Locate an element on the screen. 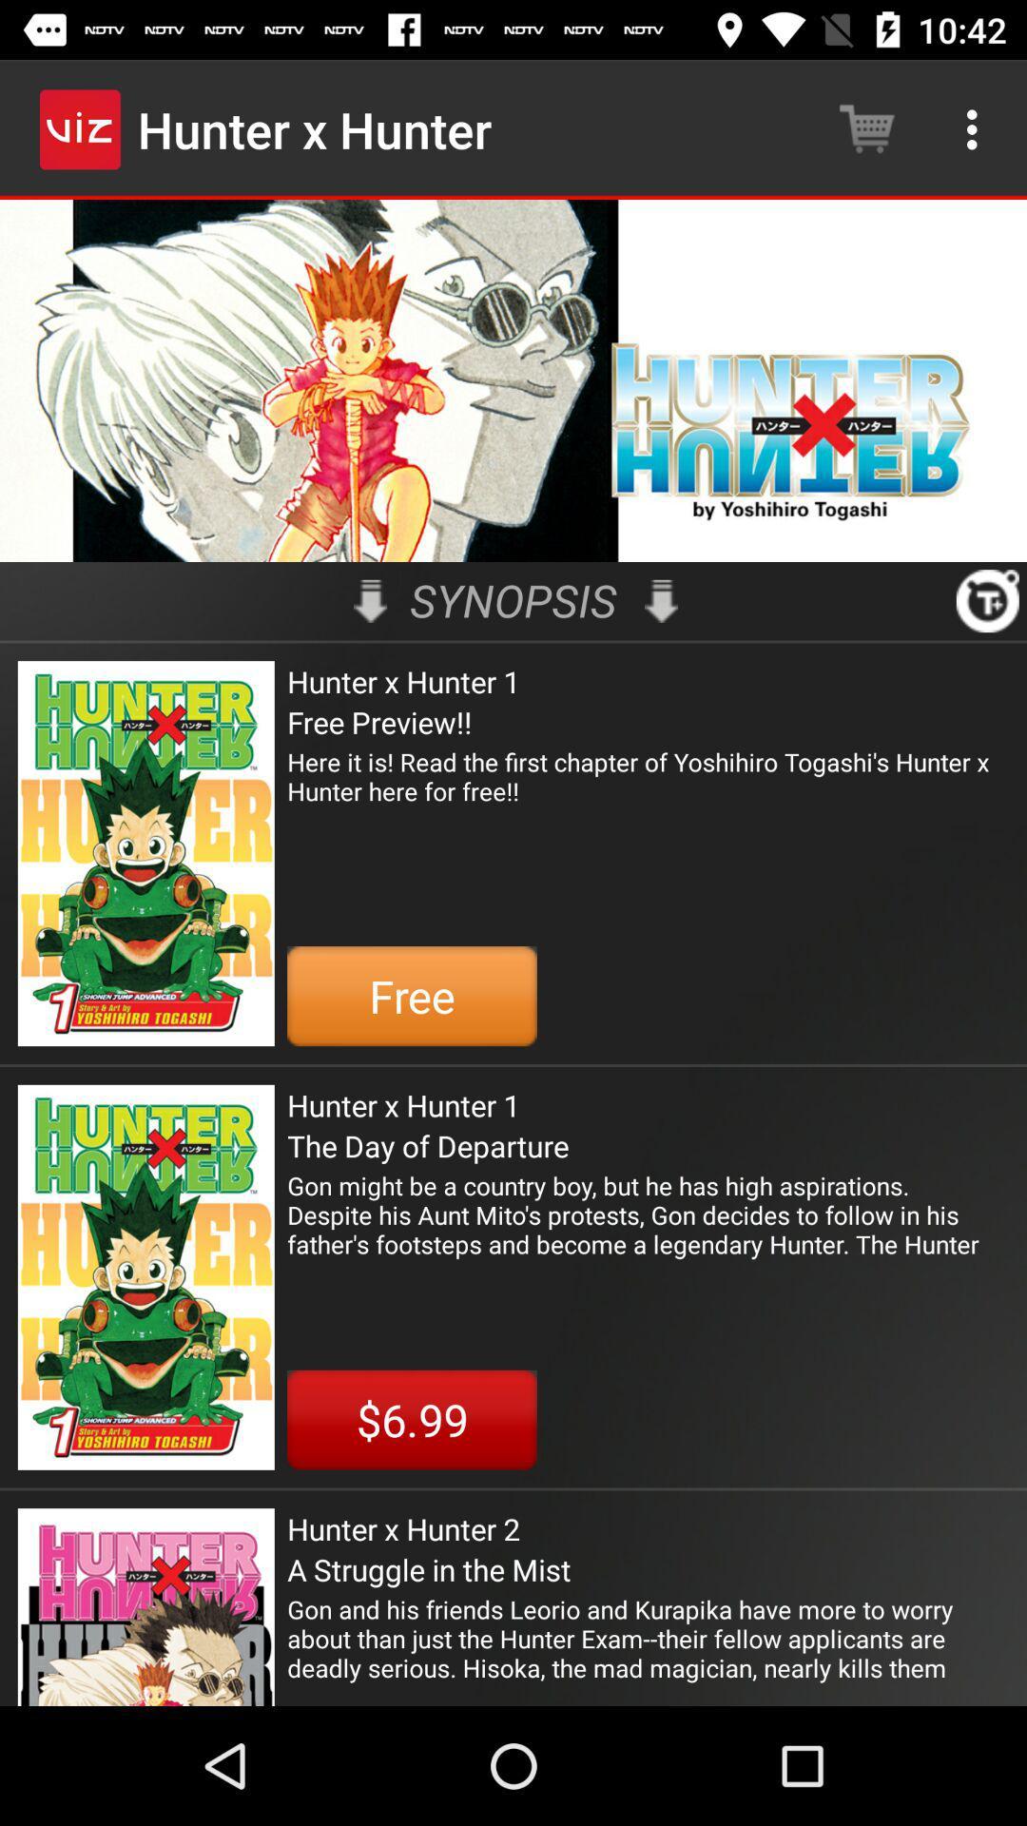 The width and height of the screenshot is (1027, 1826). the item to the left of synopsis is located at coordinates (370, 600).